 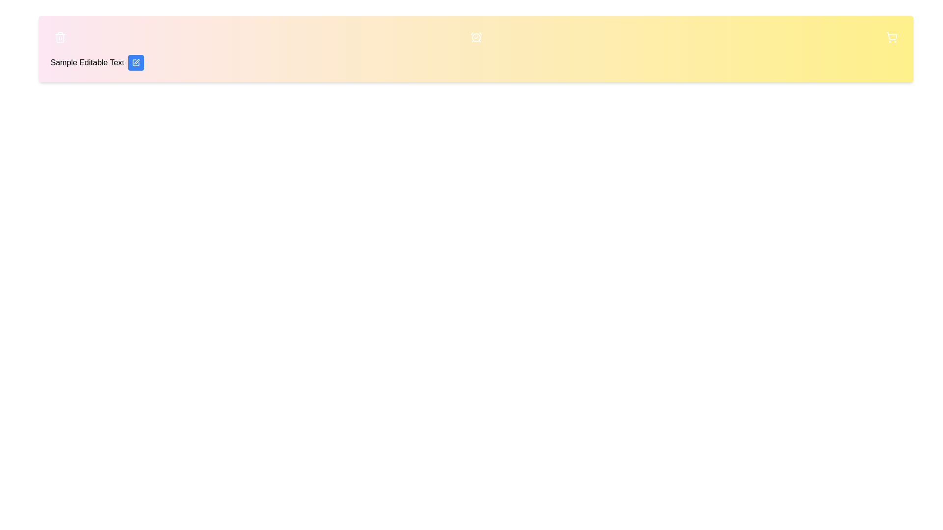 I want to click on the edit button, which is represented by an icon inside a blue button with rounded corners, located to the right of 'Sample Editable Text' in the header bar, so click(x=136, y=62).